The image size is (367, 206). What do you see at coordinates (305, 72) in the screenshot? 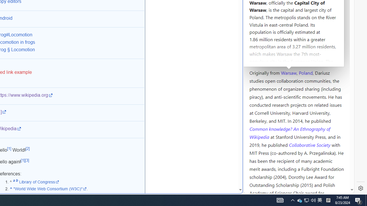
I see `'Poland'` at bounding box center [305, 72].